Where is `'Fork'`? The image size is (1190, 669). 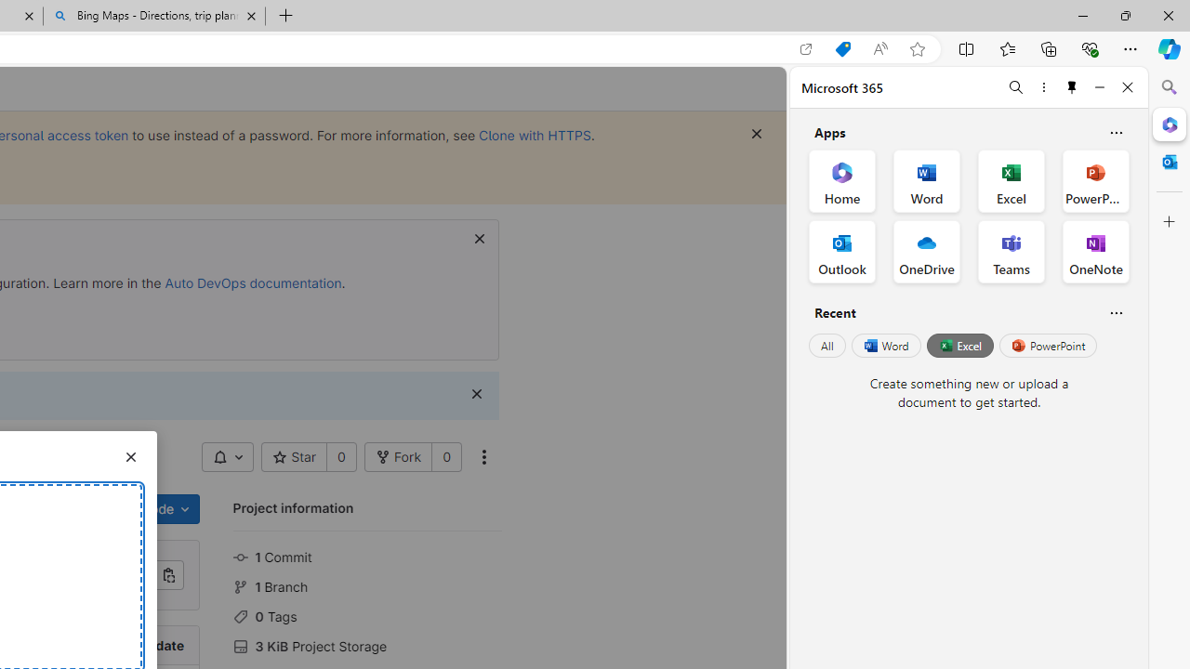
'Fork' is located at coordinates (397, 457).